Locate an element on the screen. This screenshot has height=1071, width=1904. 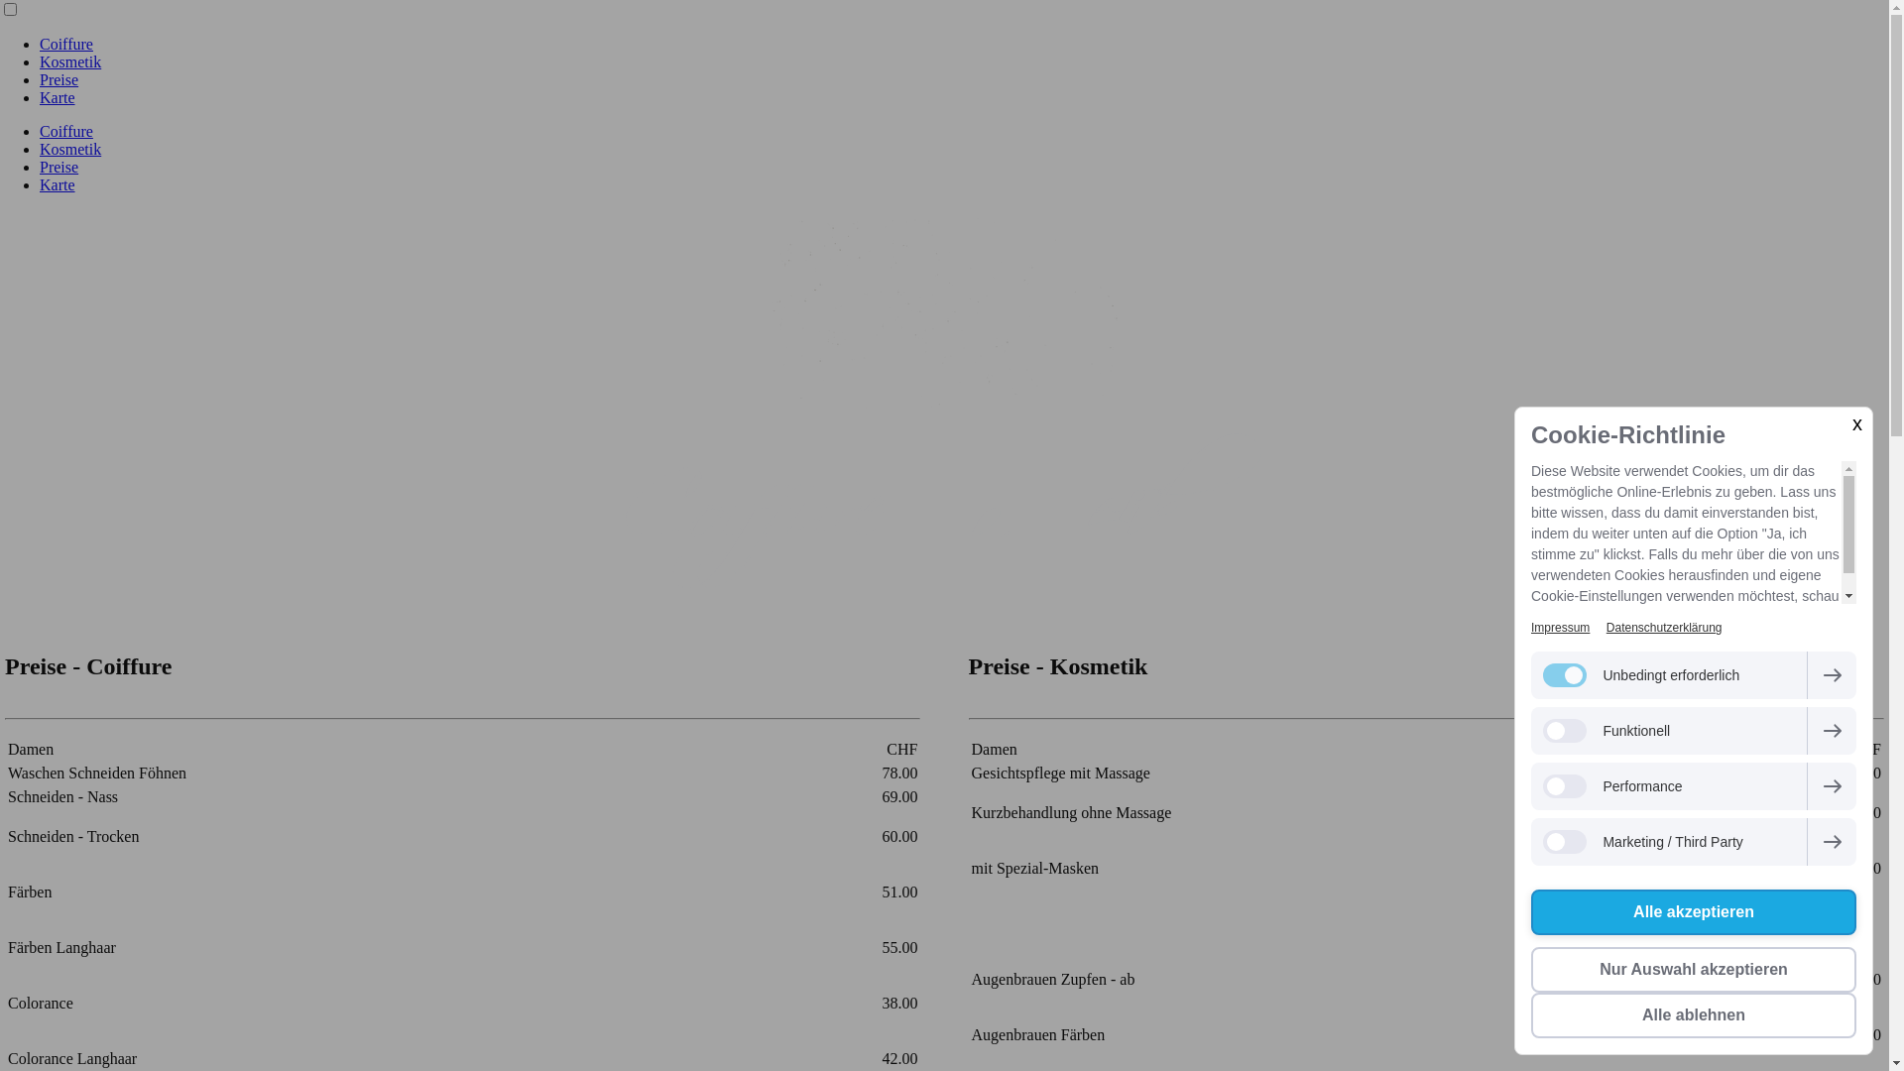
'Preise' is located at coordinates (59, 166).